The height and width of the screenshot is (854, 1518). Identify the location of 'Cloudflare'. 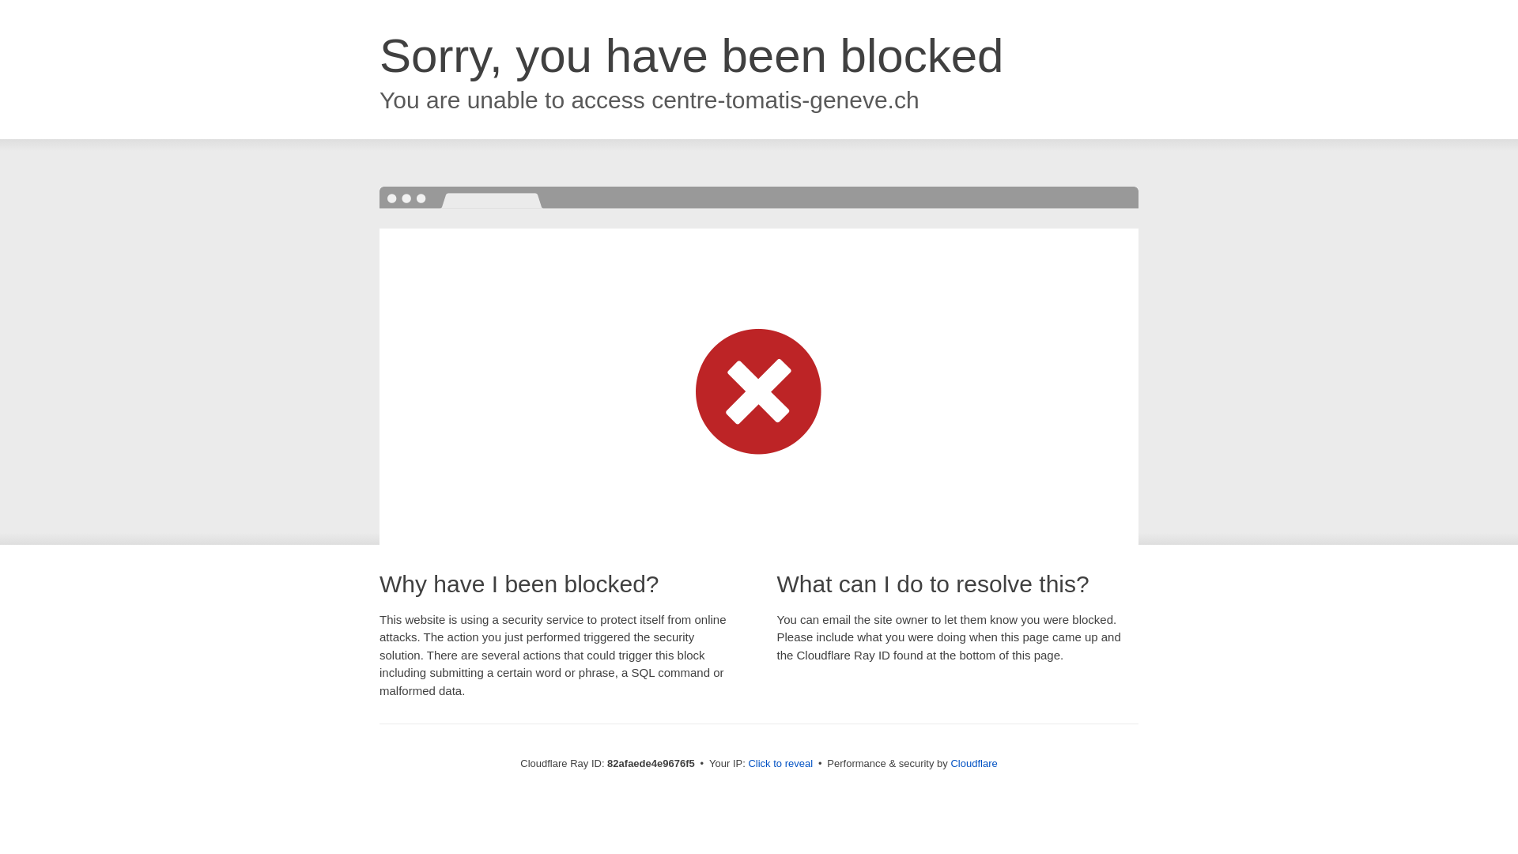
(972, 762).